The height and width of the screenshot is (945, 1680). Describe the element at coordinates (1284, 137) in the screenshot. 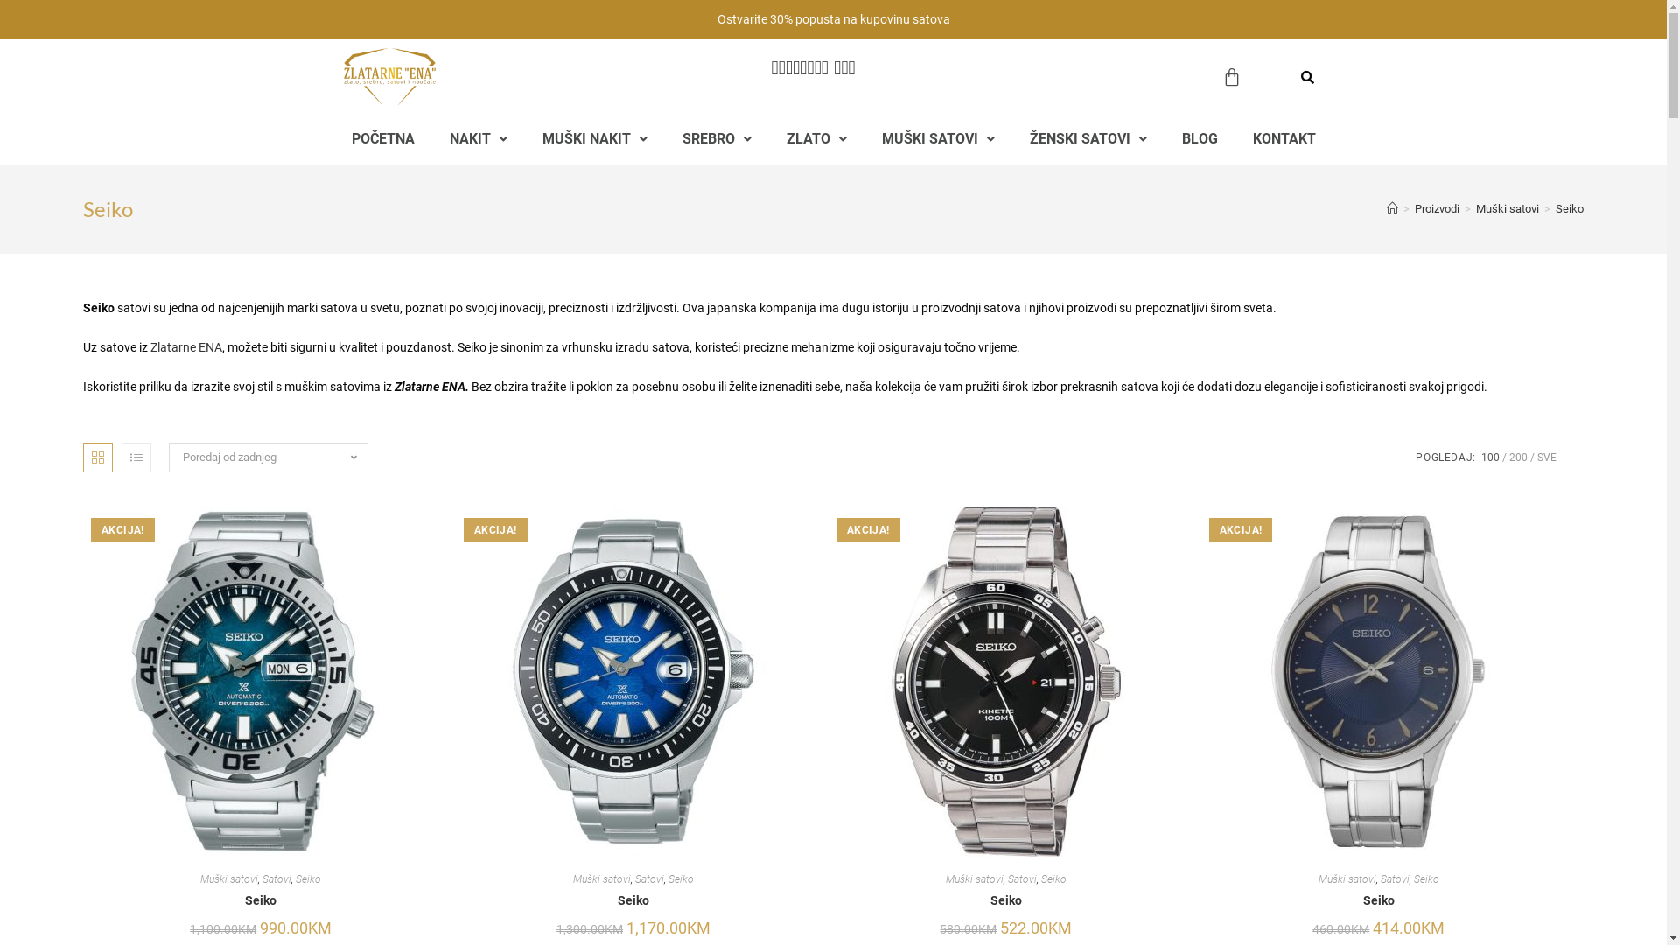

I see `'KONTAKT'` at that location.